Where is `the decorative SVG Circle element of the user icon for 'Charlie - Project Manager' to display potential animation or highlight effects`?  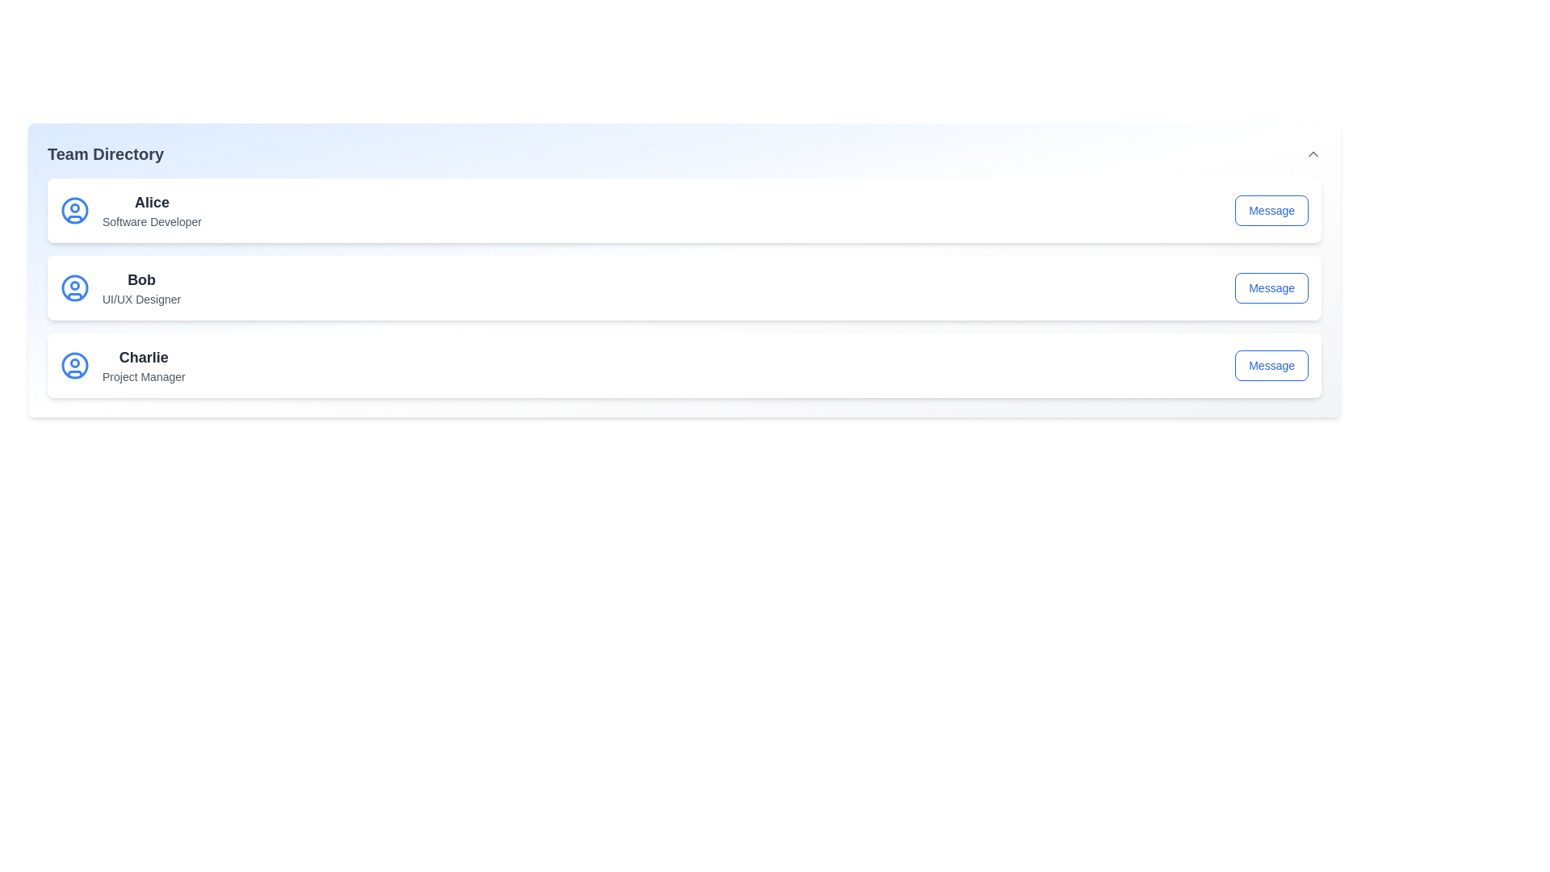
the decorative SVG Circle element of the user icon for 'Charlie - Project Manager' to display potential animation or highlight effects is located at coordinates (73, 365).